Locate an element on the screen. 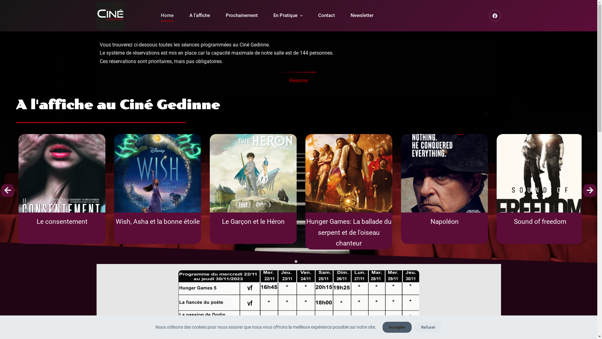 The image size is (602, 339). 'Contact' is located at coordinates (310, 15).